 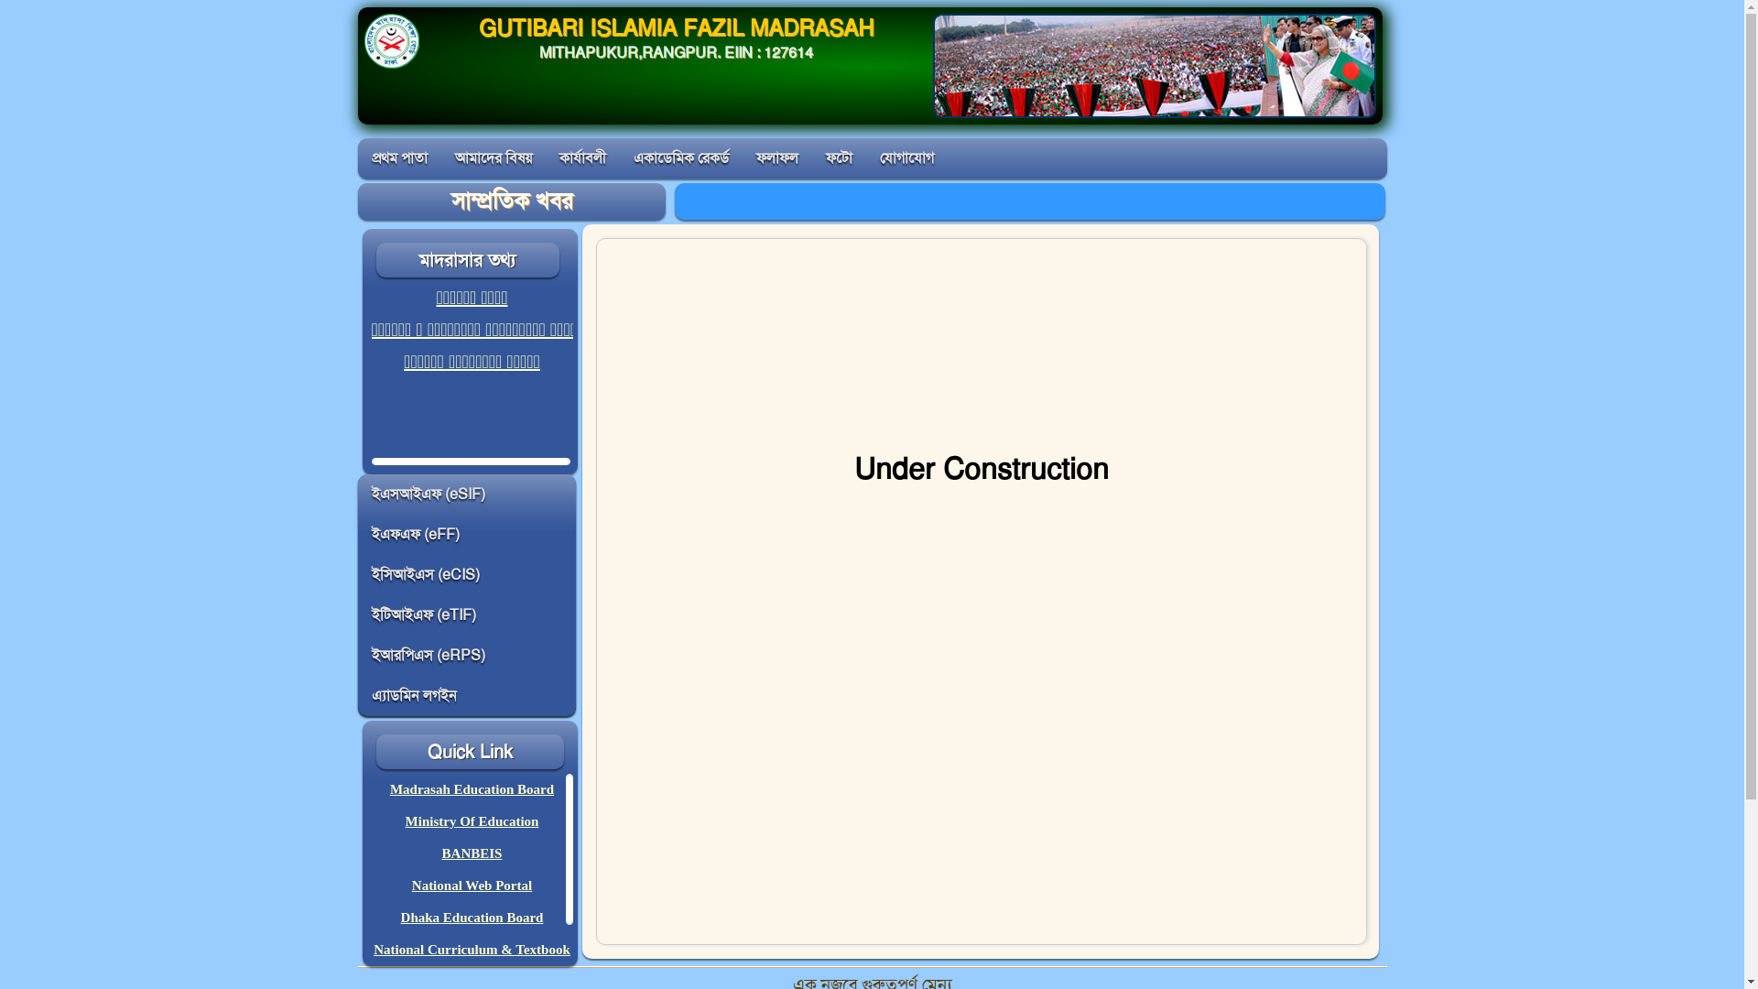 What do you see at coordinates (472, 821) in the screenshot?
I see `'Ministry Of Education'` at bounding box center [472, 821].